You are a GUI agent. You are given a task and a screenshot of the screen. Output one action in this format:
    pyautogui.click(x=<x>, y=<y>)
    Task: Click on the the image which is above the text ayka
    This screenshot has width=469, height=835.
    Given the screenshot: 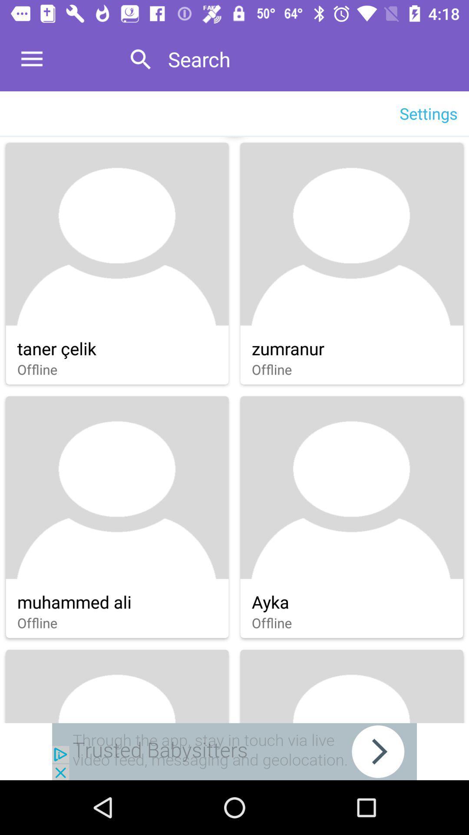 What is the action you would take?
    pyautogui.click(x=352, y=488)
    